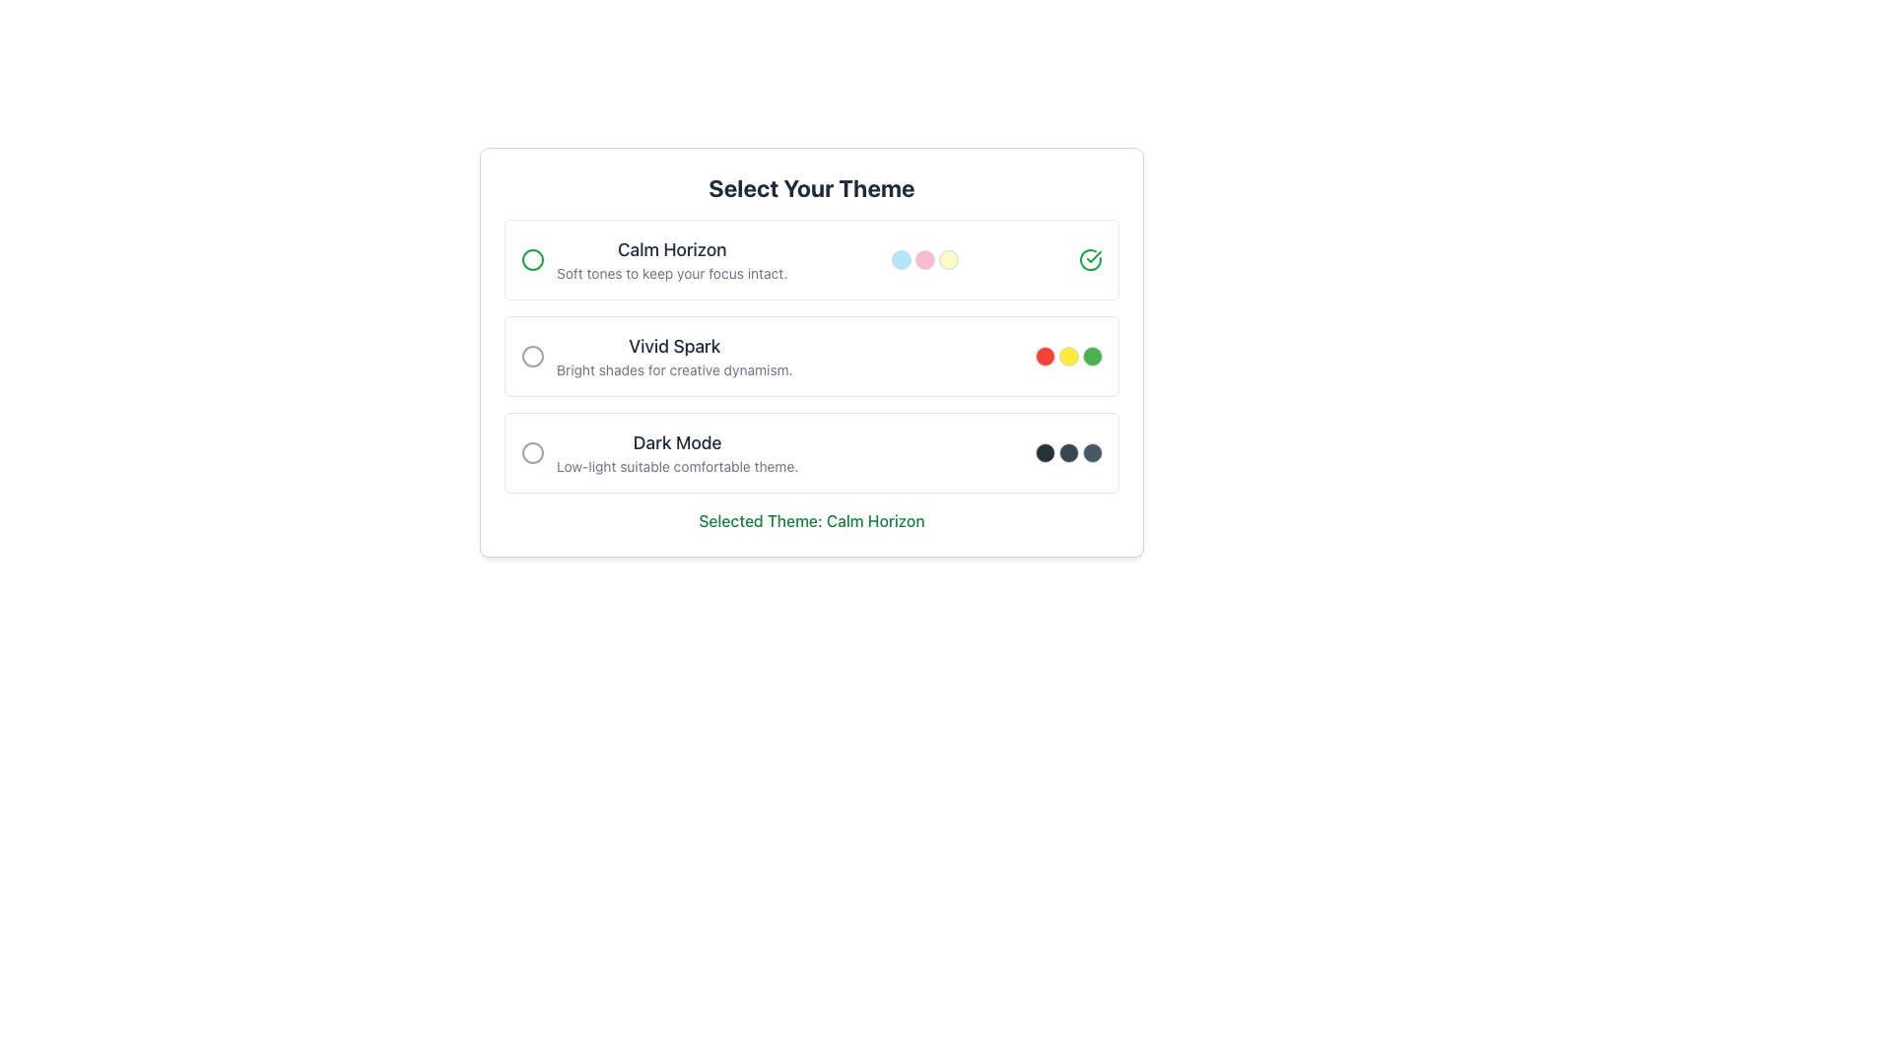 This screenshot has height=1064, width=1892. Describe the element at coordinates (674, 369) in the screenshot. I see `the Text Label that provides a descriptive subtitle for the 'Vivid Spark' theme option, located below the 'Vivid Spark' text in the theme selection panel` at that location.